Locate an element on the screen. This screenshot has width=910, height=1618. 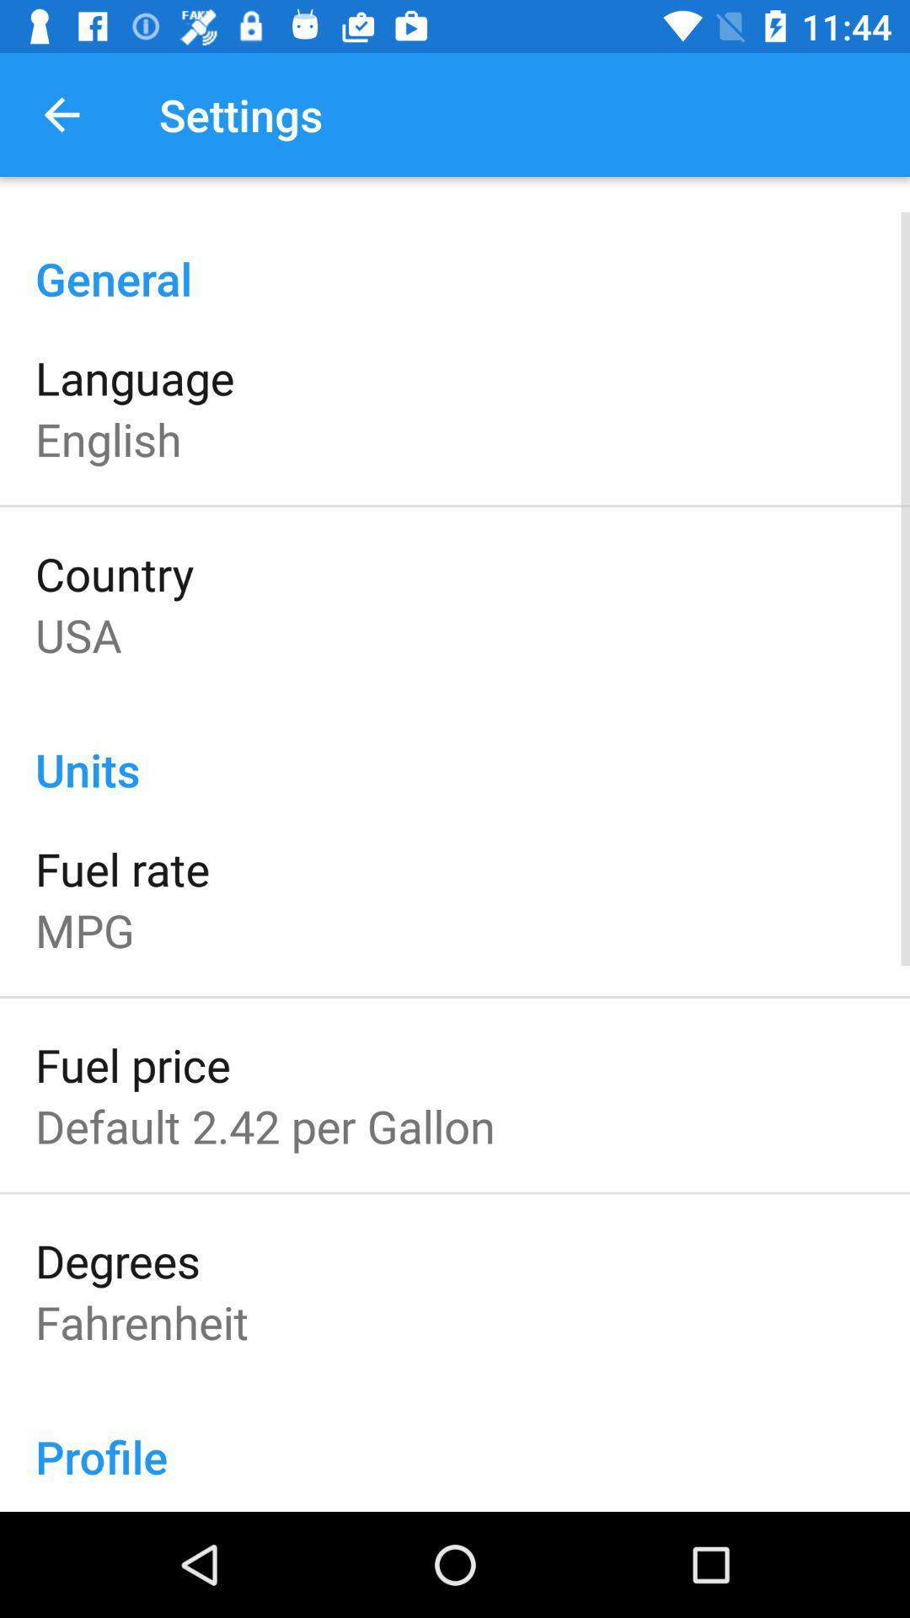
icon above the usa icon is located at coordinates (114, 573).